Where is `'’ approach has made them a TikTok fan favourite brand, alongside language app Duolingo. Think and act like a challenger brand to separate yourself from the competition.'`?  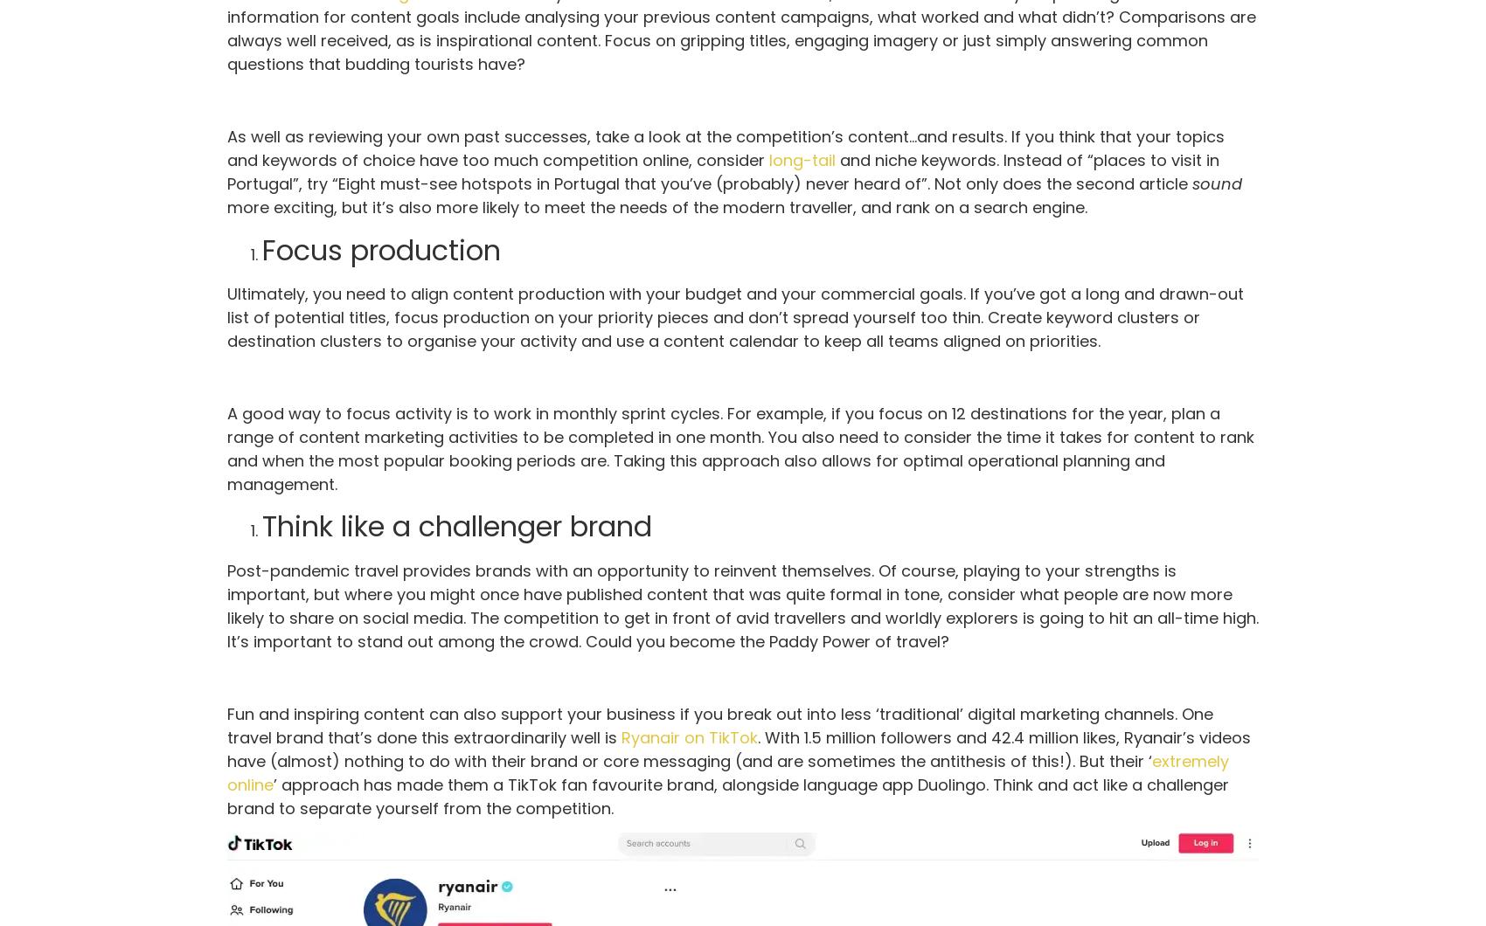 '’ approach has made them a TikTok fan favourite brand, alongside language app Duolingo. Think and act like a challenger brand to separate yourself from the competition.' is located at coordinates (226, 795).